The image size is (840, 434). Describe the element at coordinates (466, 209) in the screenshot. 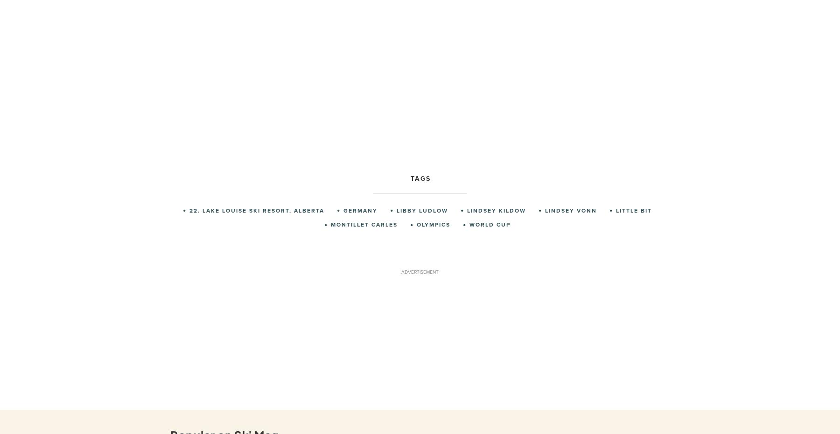

I see `'lindsey kildow'` at that location.